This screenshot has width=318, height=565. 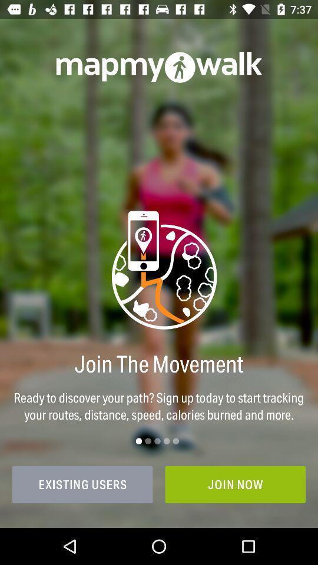 What do you see at coordinates (235, 484) in the screenshot?
I see `the join now` at bounding box center [235, 484].